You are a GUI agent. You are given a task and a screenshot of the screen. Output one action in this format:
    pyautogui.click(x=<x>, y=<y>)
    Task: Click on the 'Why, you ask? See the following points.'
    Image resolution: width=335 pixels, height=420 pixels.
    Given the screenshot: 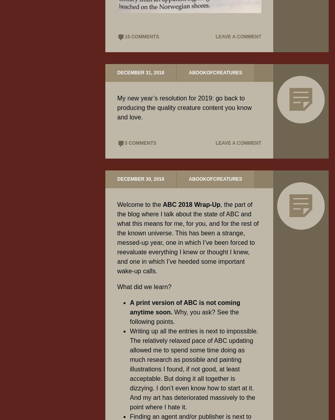 What is the action you would take?
    pyautogui.click(x=184, y=316)
    